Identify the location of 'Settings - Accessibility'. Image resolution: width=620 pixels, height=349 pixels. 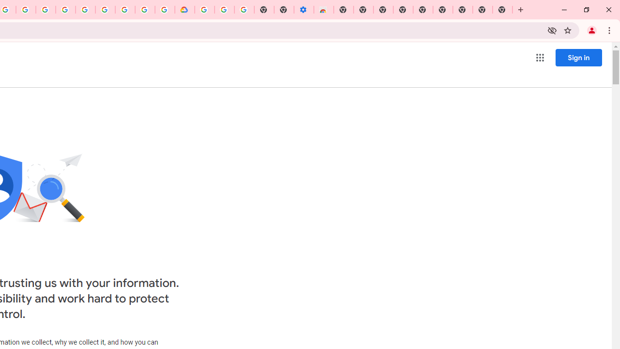
(303, 10).